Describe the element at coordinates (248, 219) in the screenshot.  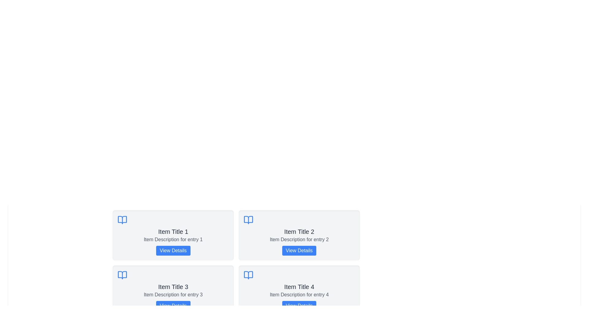
I see `the icon located at the top-left corner of the card titled 'Item Title 2', which visually represents the content related to a book or documentation` at that location.